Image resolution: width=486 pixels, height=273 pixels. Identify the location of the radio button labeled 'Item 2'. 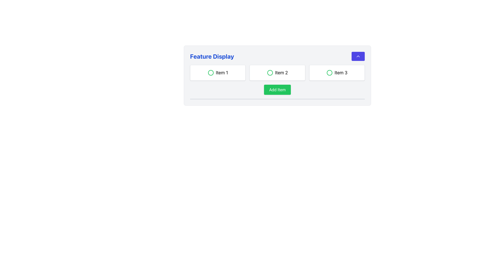
(270, 73).